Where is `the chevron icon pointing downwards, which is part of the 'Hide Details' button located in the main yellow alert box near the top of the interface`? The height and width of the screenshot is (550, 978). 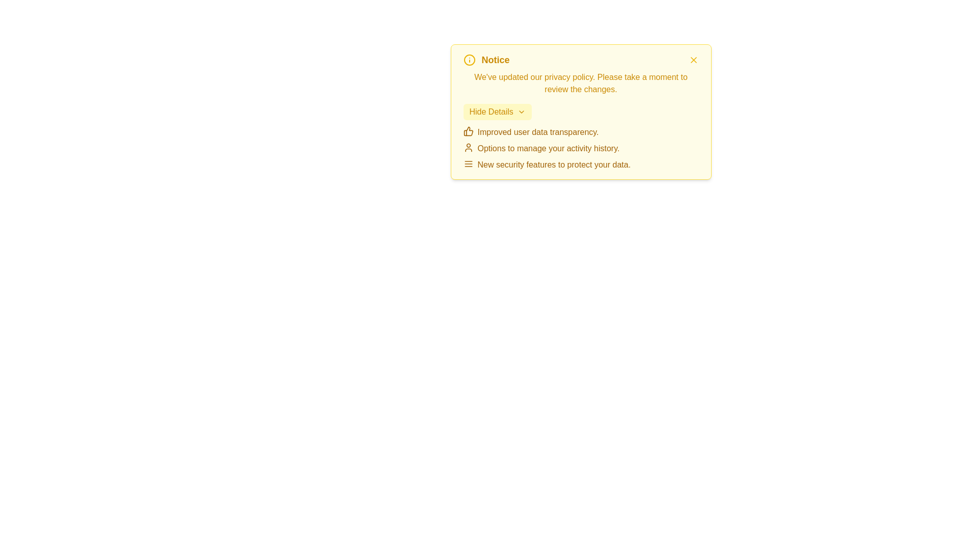
the chevron icon pointing downwards, which is part of the 'Hide Details' button located in the main yellow alert box near the top of the interface is located at coordinates (521, 112).